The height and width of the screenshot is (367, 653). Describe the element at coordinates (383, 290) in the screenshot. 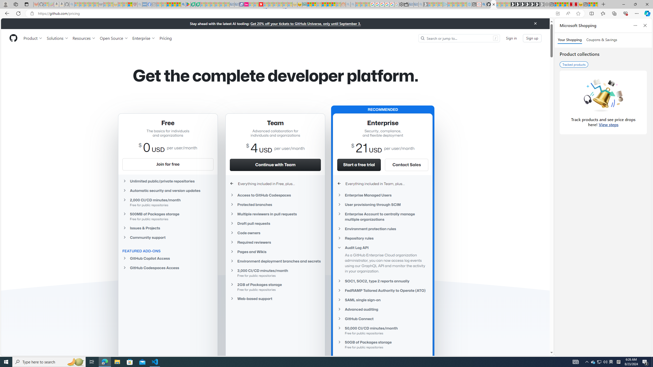

I see `'FedRAMP Tailored Authority to Operate (ATO)'` at that location.